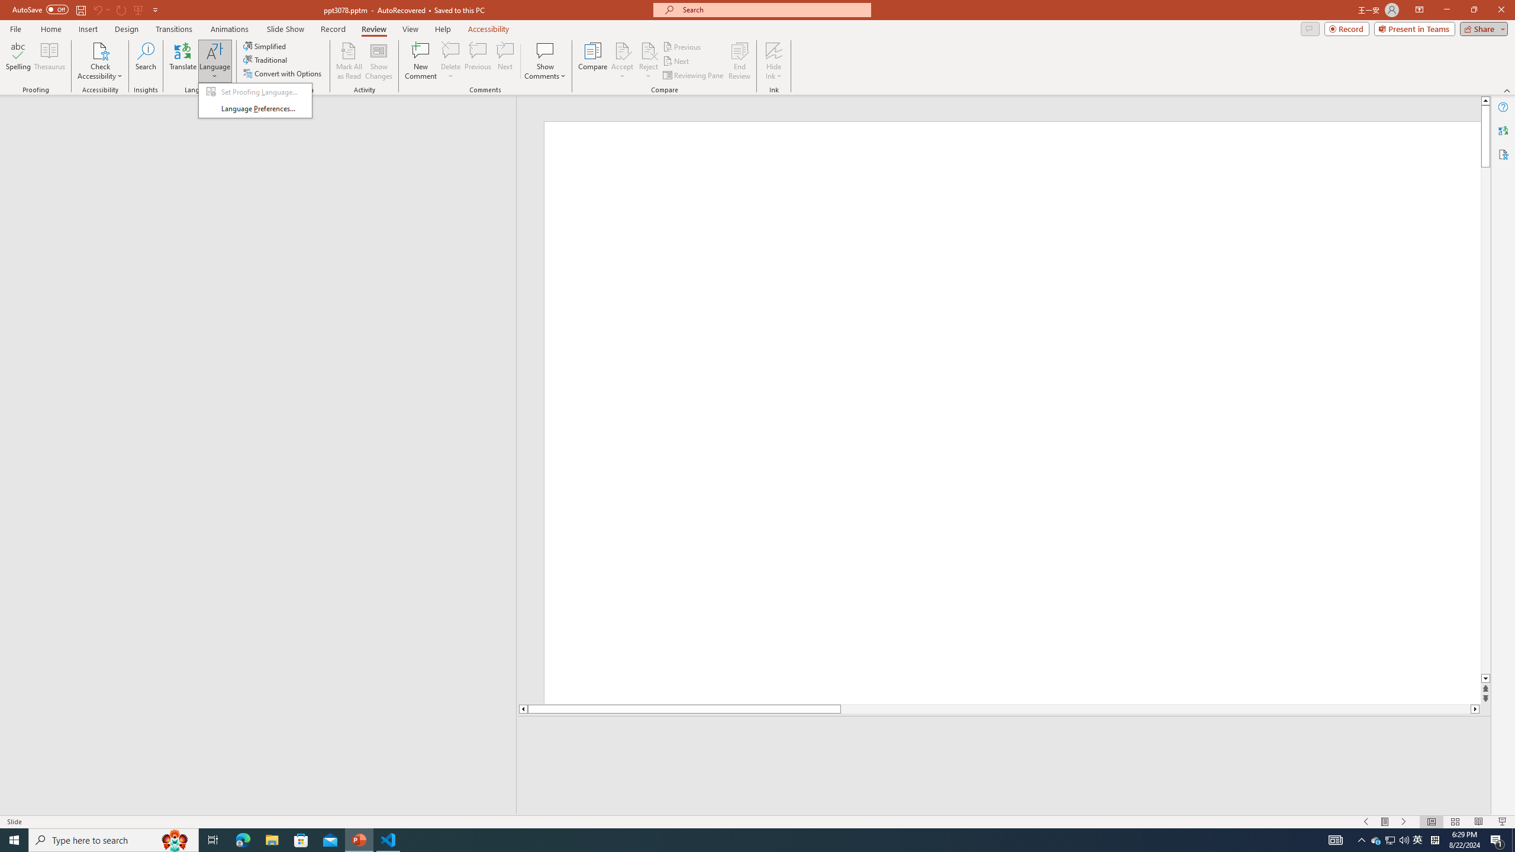 The height and width of the screenshot is (852, 1515). What do you see at coordinates (379, 61) in the screenshot?
I see `'Show Changes'` at bounding box center [379, 61].